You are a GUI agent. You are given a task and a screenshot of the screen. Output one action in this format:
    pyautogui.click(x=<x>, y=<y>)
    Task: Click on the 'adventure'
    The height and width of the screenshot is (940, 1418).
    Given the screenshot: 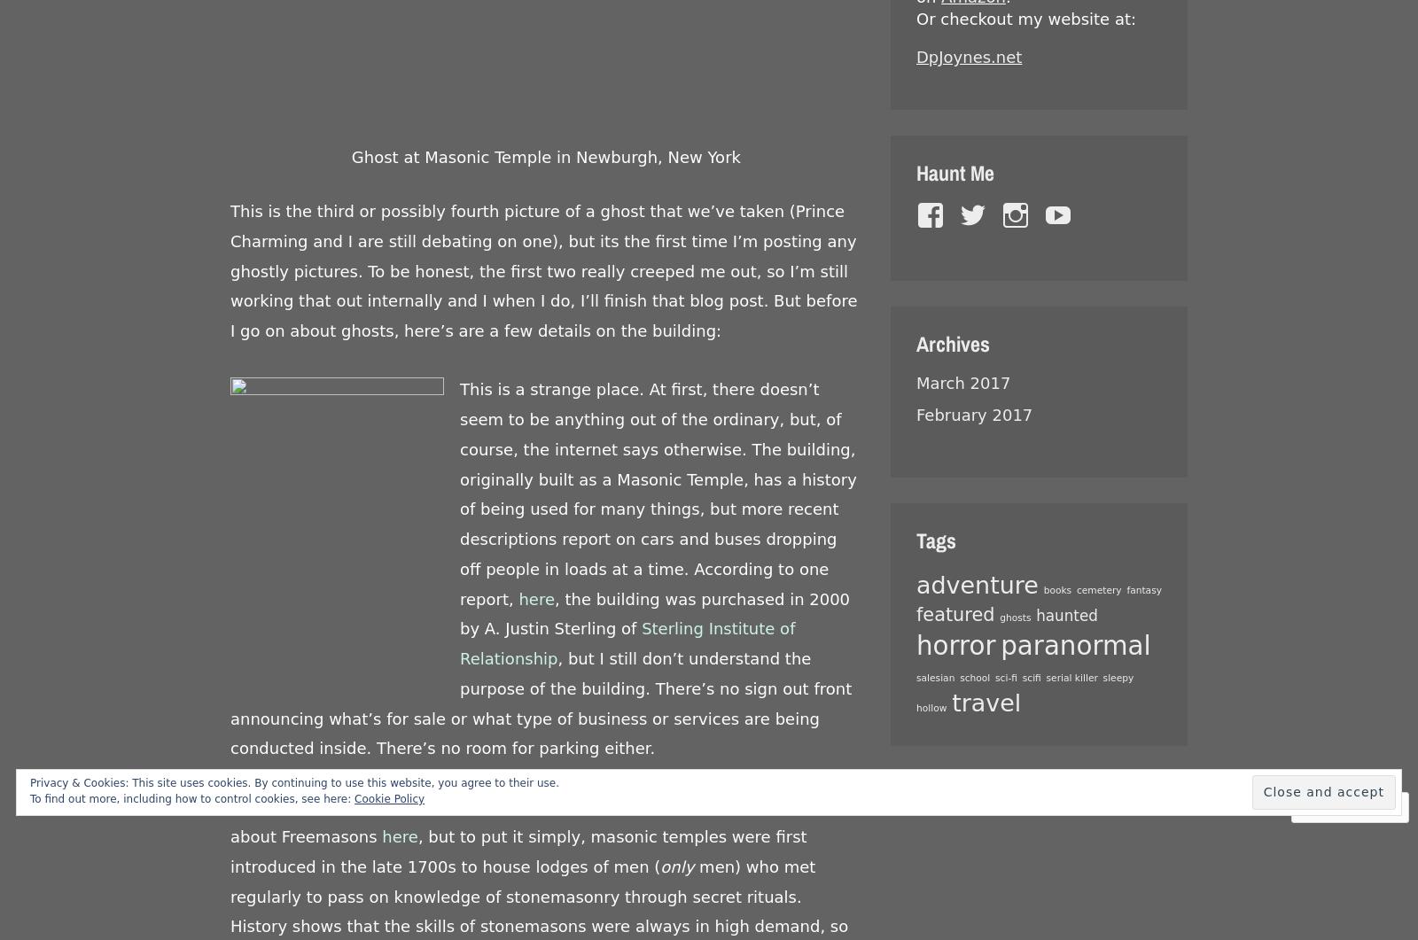 What is the action you would take?
    pyautogui.click(x=977, y=584)
    